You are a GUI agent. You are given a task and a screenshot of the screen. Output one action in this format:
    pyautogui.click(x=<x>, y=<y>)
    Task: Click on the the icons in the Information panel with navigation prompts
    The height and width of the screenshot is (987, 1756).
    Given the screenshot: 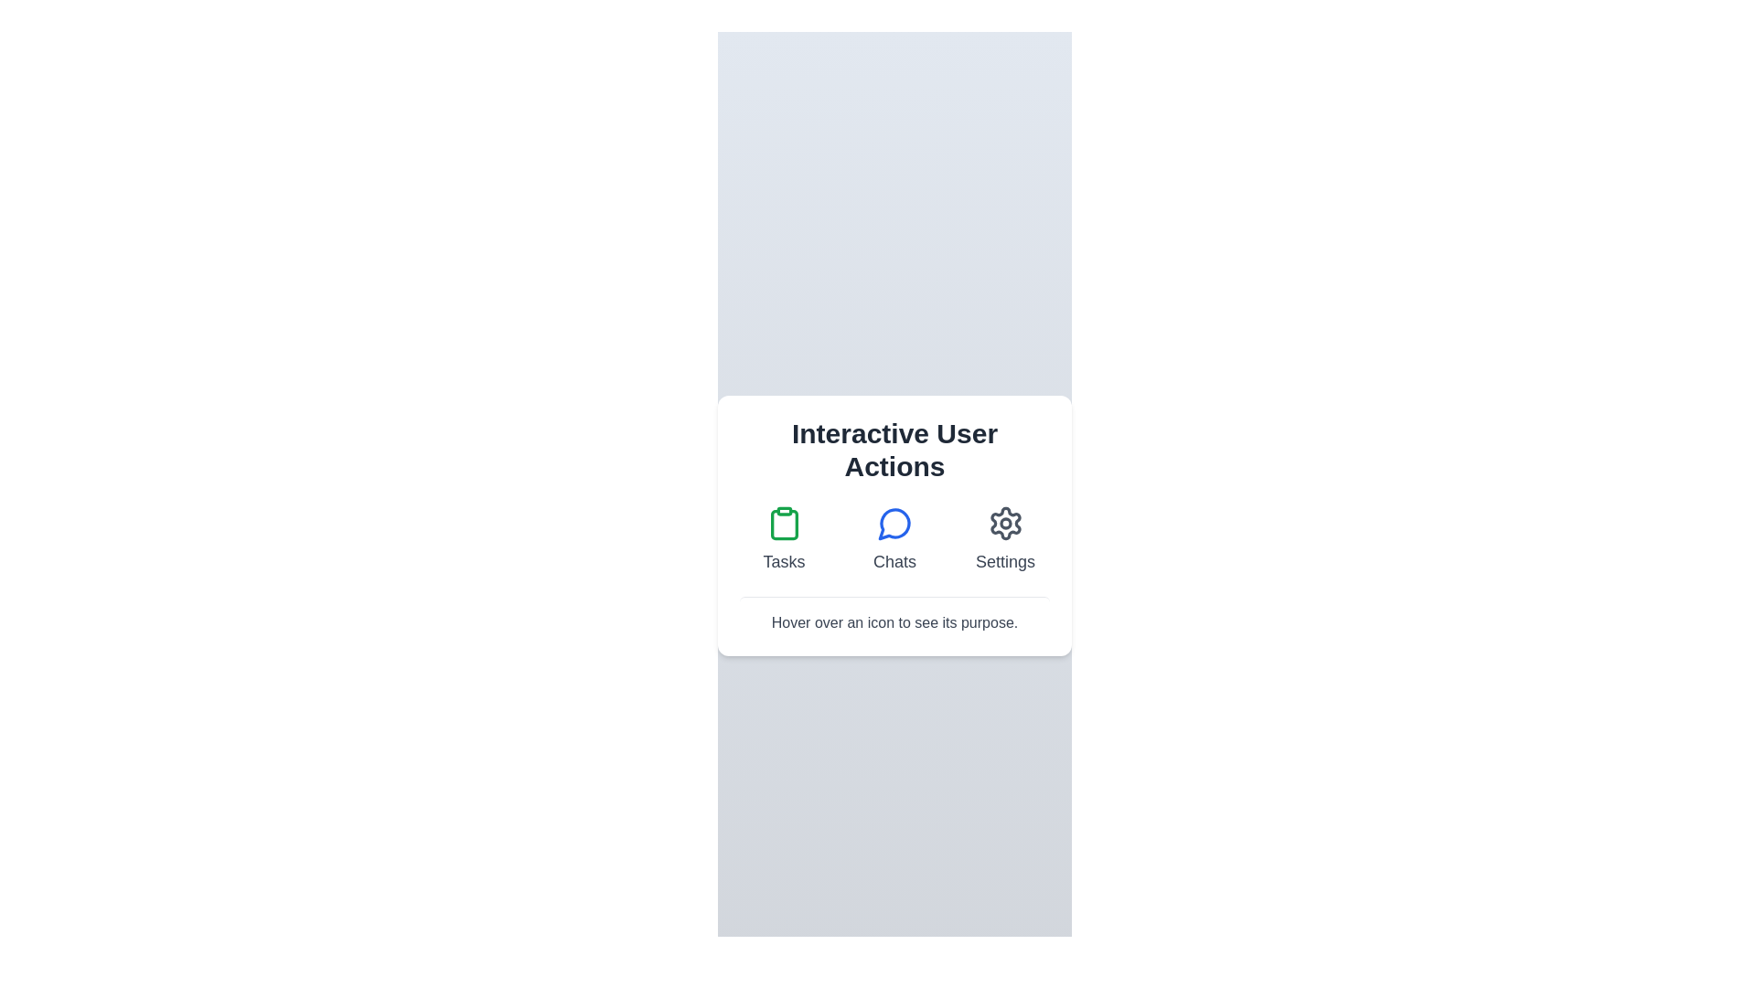 What is the action you would take?
    pyautogui.click(x=894, y=525)
    